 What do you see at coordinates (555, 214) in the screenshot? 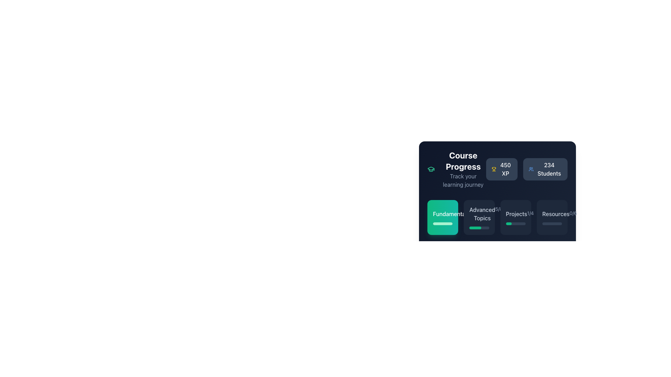
I see `the text label displaying 'Resources' in slate-gray color, located in the bottom row of the 'Course Progress' card, preceding the small text '0/6'` at bounding box center [555, 214].